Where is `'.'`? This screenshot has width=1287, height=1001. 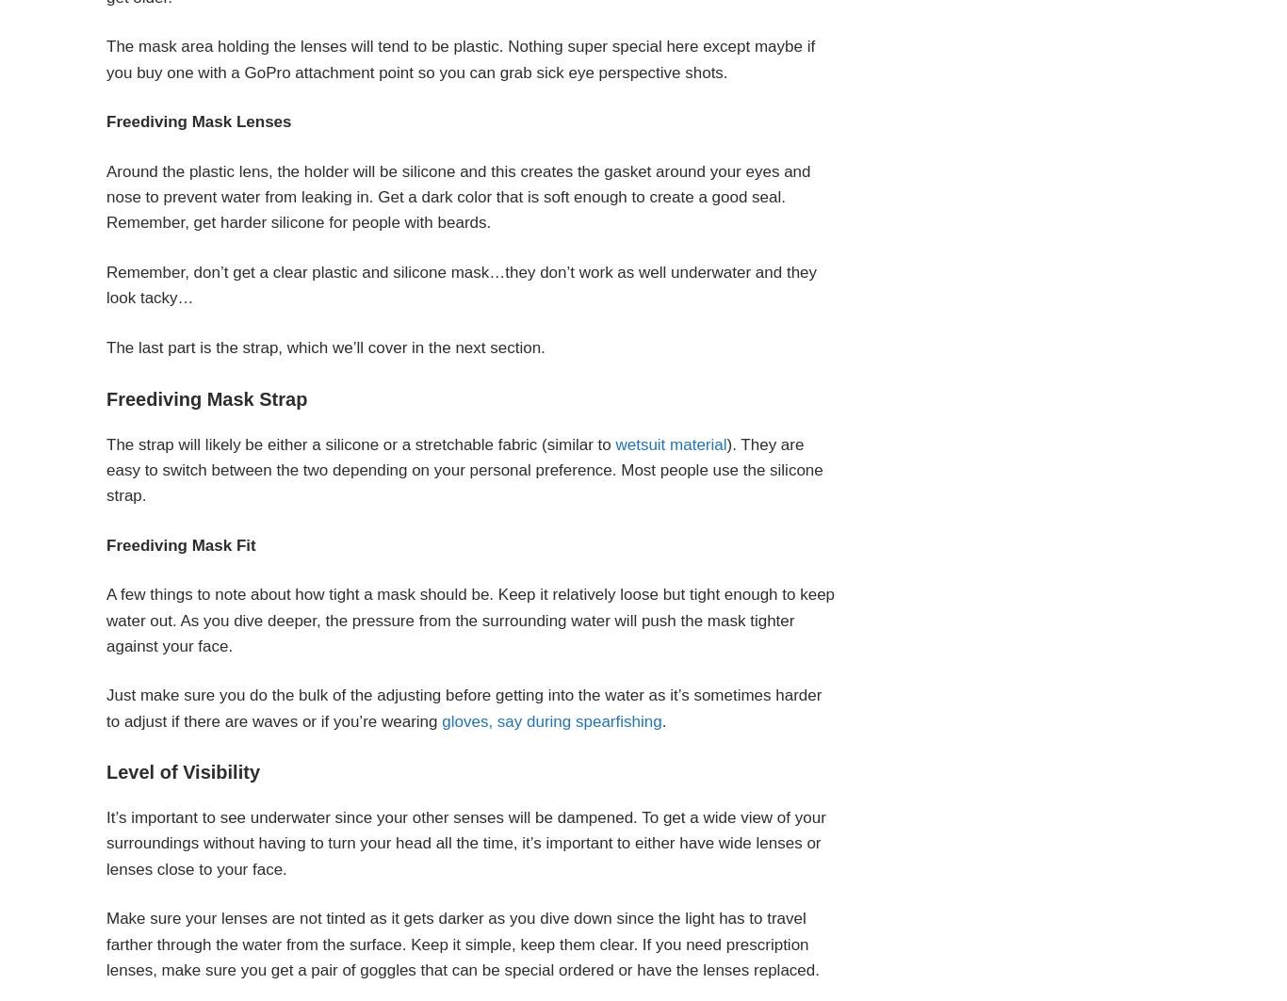 '.' is located at coordinates (663, 719).